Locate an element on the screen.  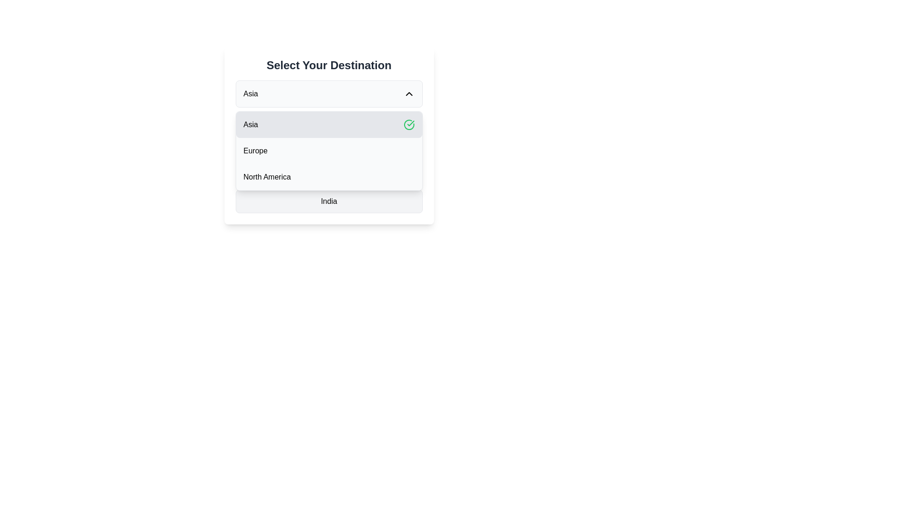
the first selectable item in the dropdown menu labeled 'Select Your Destination', which is visually distinguished by a light gray background and a green checkmark indicating its selected state is located at coordinates (329, 135).